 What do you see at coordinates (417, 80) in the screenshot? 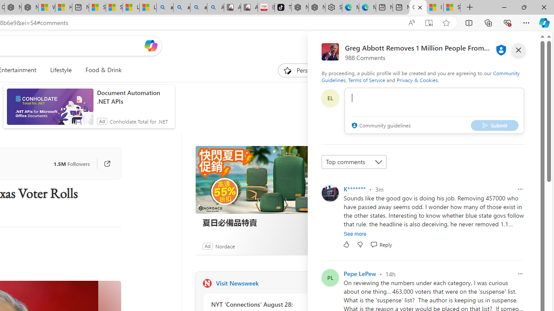
I see `'Privacy & Cookies'` at bounding box center [417, 80].